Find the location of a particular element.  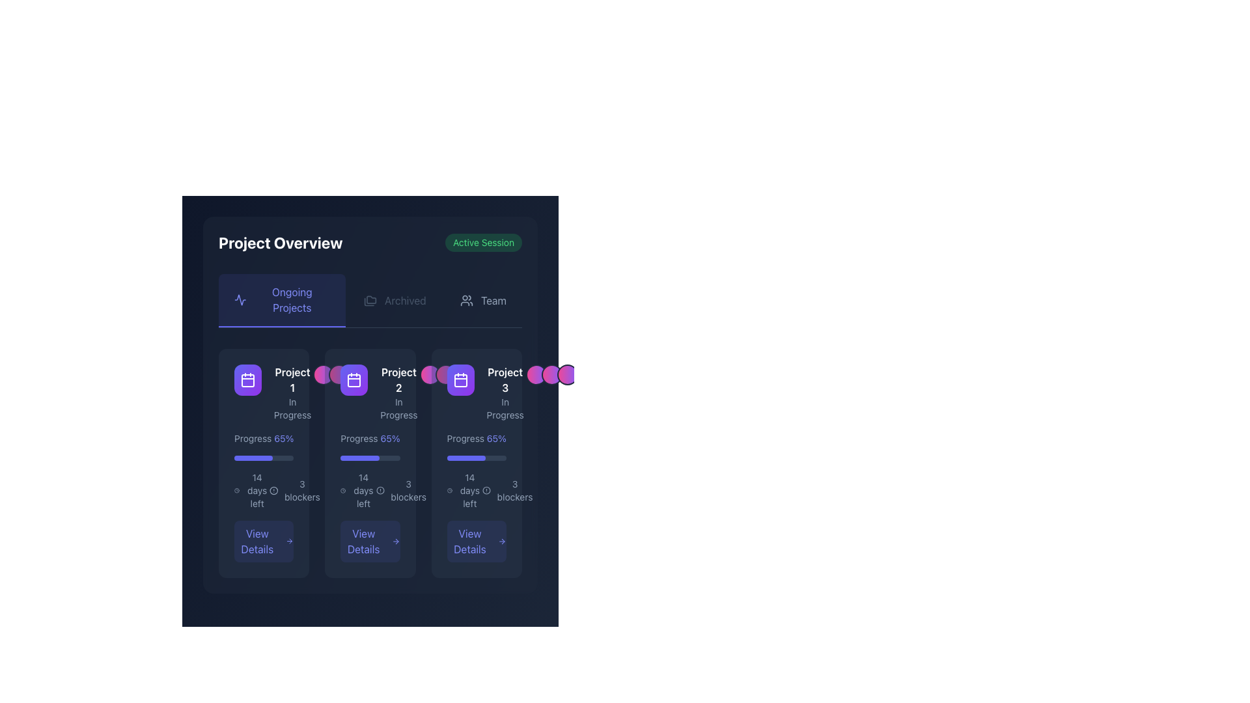

the descriptive label displaying '3 blockers' next to the warning icon is located at coordinates (507, 490).